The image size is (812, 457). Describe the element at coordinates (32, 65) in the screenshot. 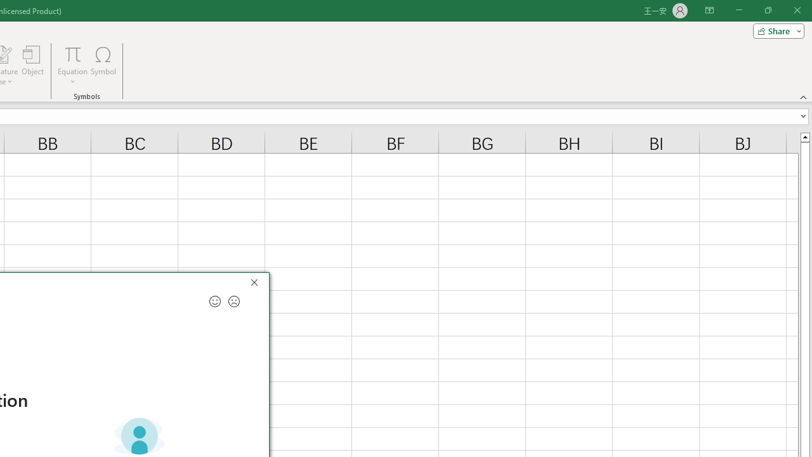

I see `'Object...'` at that location.